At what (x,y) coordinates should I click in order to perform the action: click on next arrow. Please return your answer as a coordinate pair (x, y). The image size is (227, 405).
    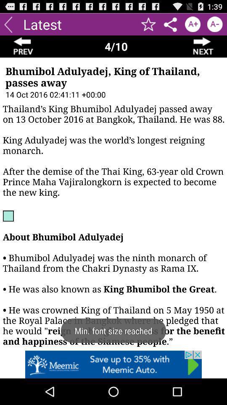
    Looking at the image, I should click on (203, 46).